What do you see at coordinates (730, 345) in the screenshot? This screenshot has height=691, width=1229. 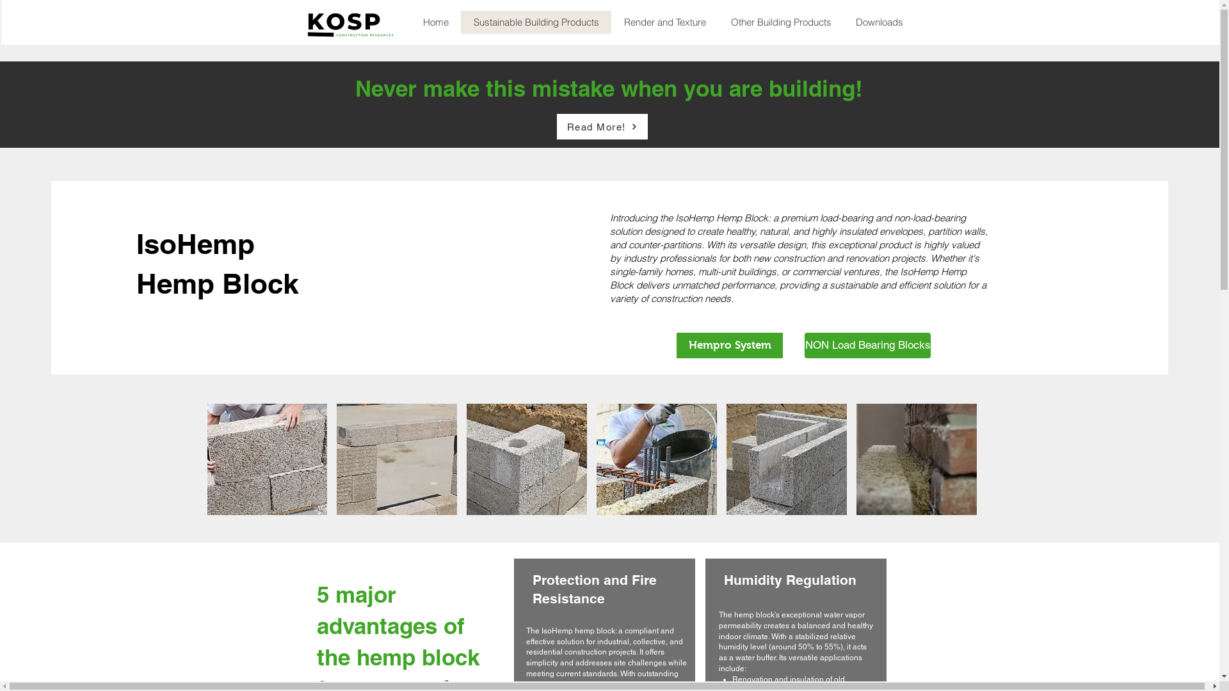 I see `'Hempro System'` at bounding box center [730, 345].